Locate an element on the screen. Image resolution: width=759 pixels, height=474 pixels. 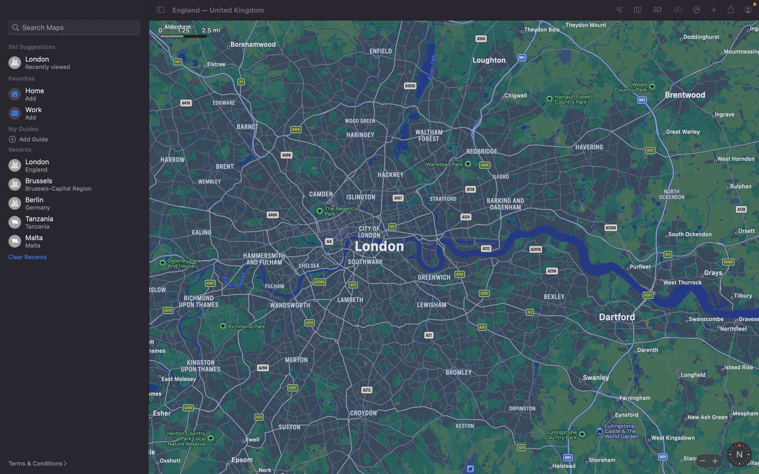
the map"s display mode to satellite is located at coordinates (636, 10).